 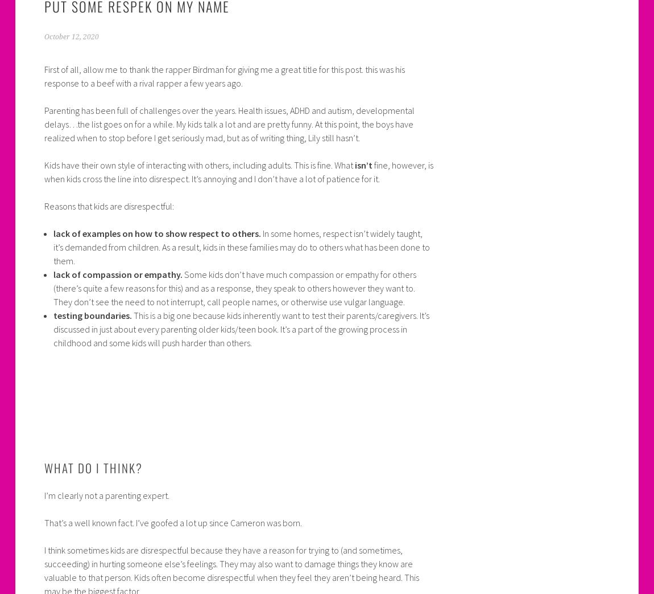 I want to click on 'I’m clearly not a parenting expert.', so click(x=105, y=495).